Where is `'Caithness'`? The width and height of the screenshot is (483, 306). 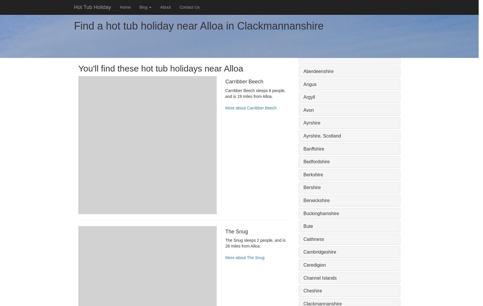
'Caithness' is located at coordinates (313, 239).